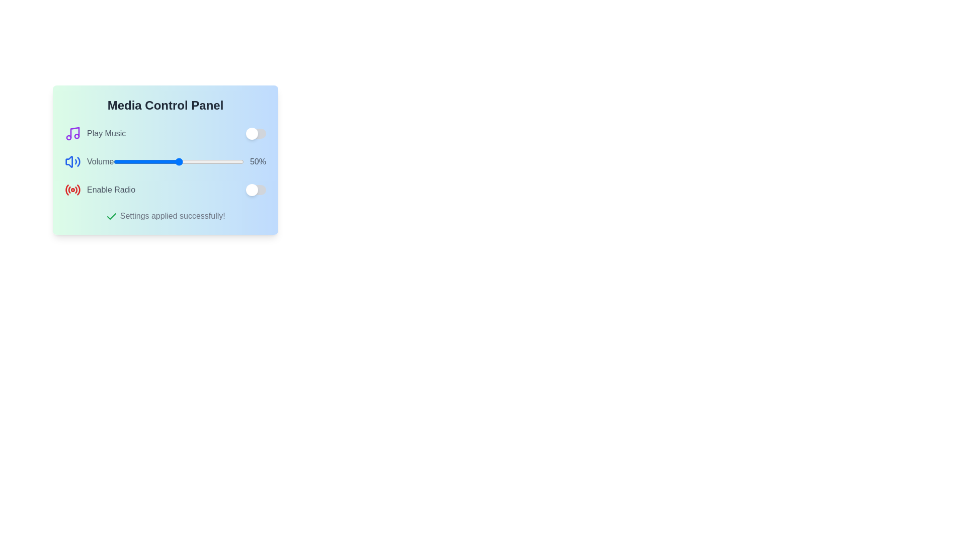 Image resolution: width=966 pixels, height=543 pixels. What do you see at coordinates (122, 161) in the screenshot?
I see `the volume slider` at bounding box center [122, 161].